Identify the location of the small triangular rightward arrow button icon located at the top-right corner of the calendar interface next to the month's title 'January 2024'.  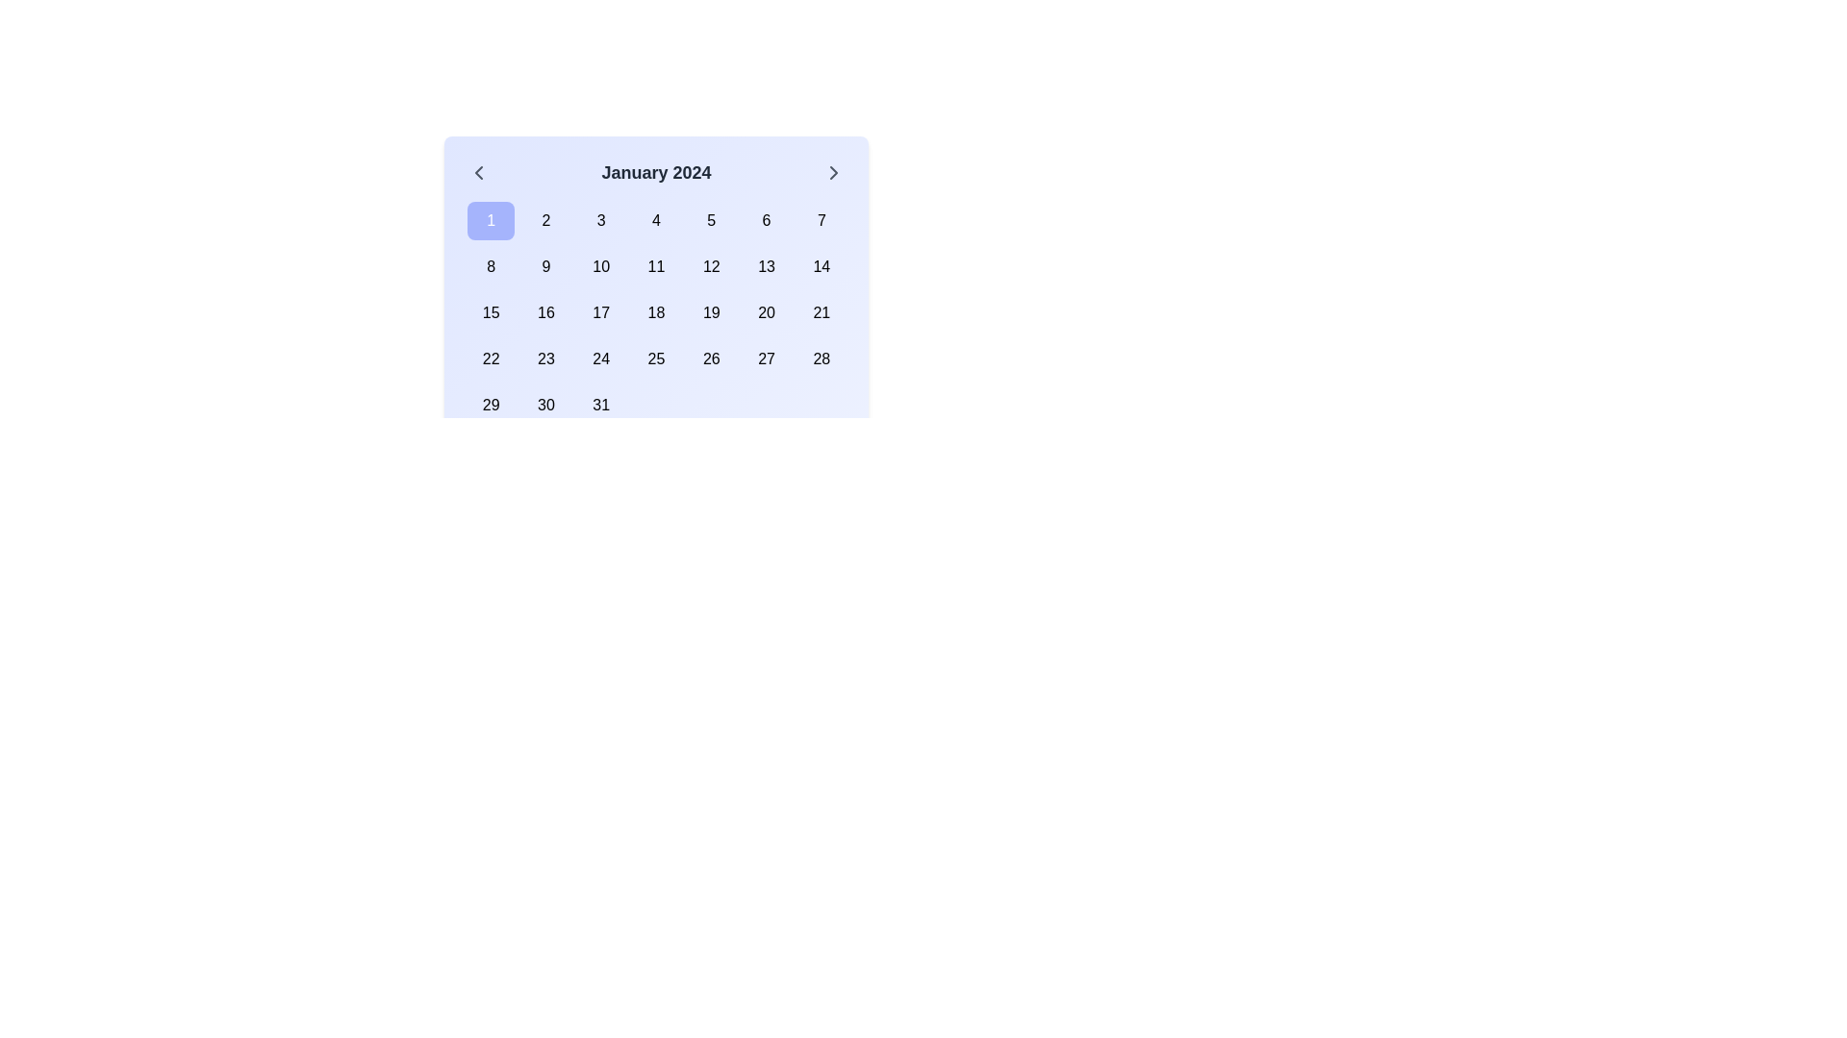
(834, 173).